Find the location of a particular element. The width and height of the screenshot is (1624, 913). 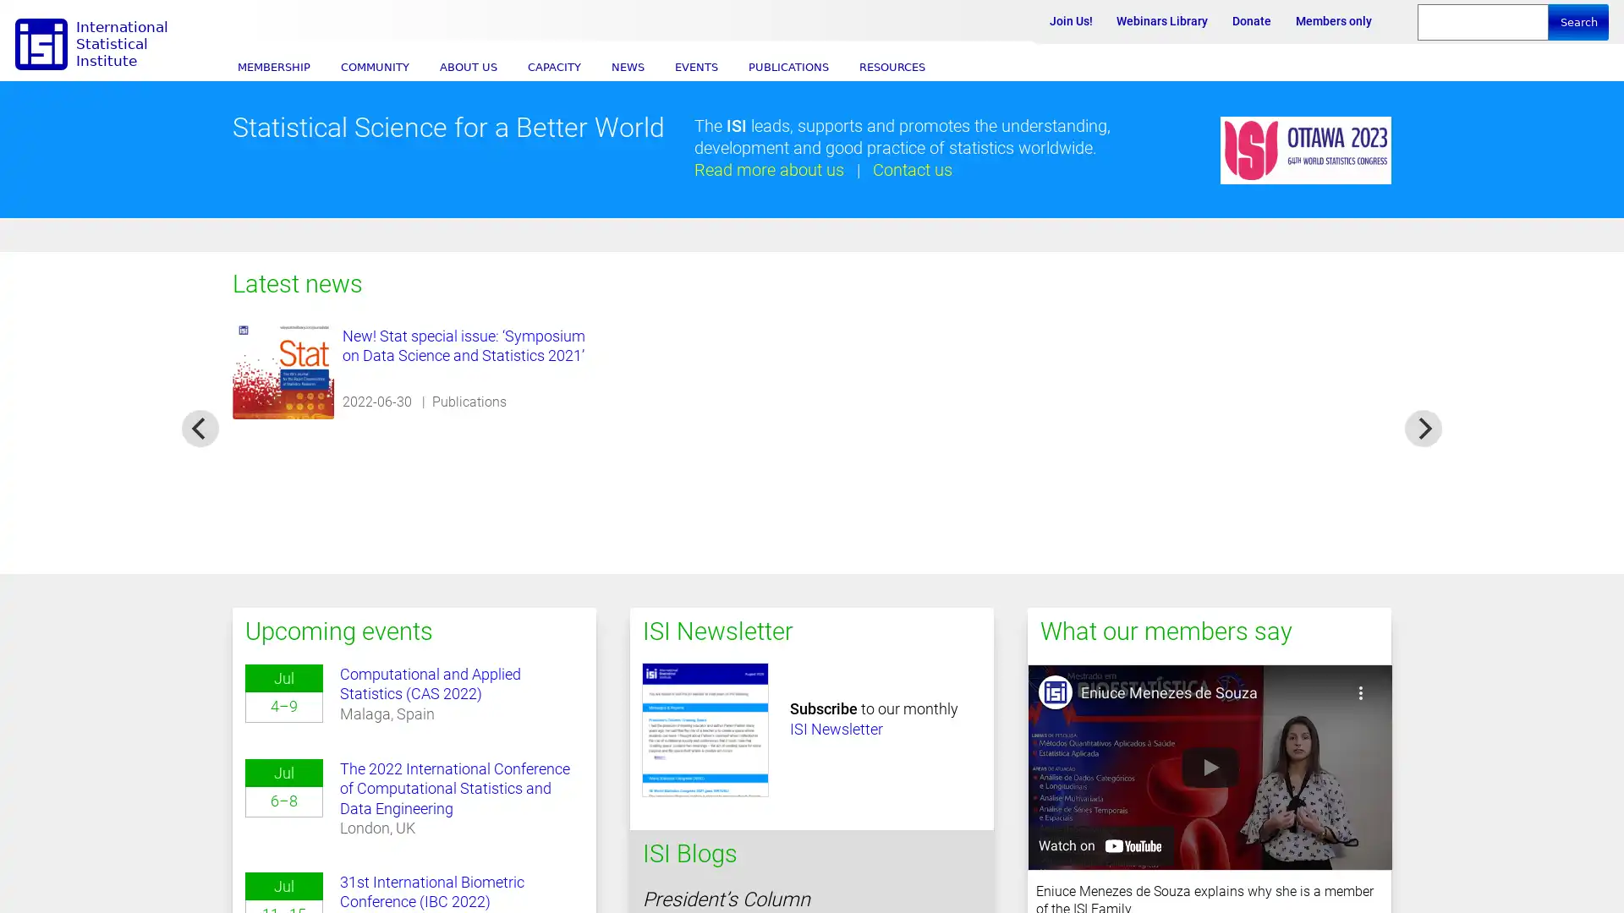

next is located at coordinates (1423, 367).